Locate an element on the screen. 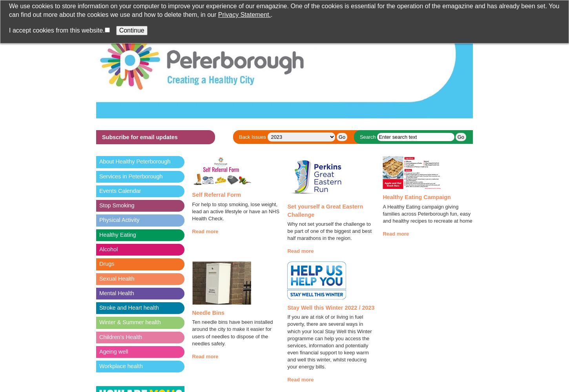  'Events Calendar' is located at coordinates (120, 190).